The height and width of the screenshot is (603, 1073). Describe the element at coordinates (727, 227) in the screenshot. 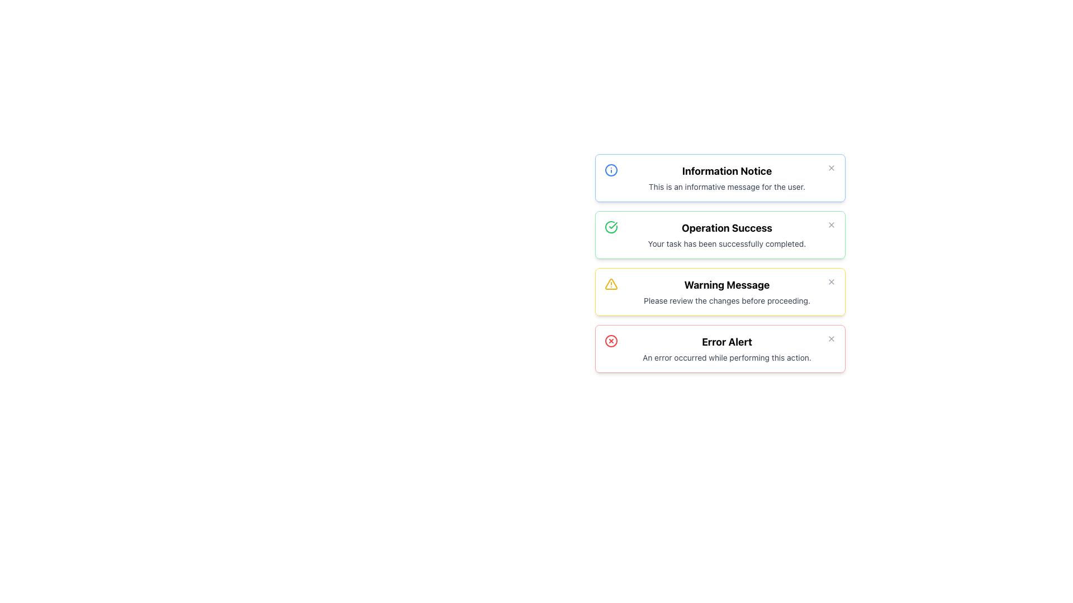

I see `the bold, large font text displaying 'Operation Success' located at the top of a green-bordered alert box` at that location.